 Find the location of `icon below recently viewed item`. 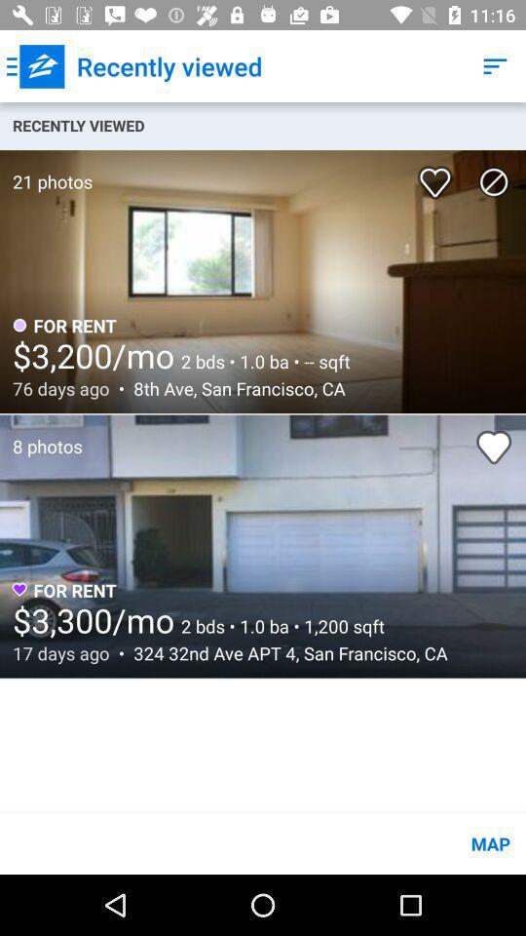

icon below recently viewed item is located at coordinates (494, 181).